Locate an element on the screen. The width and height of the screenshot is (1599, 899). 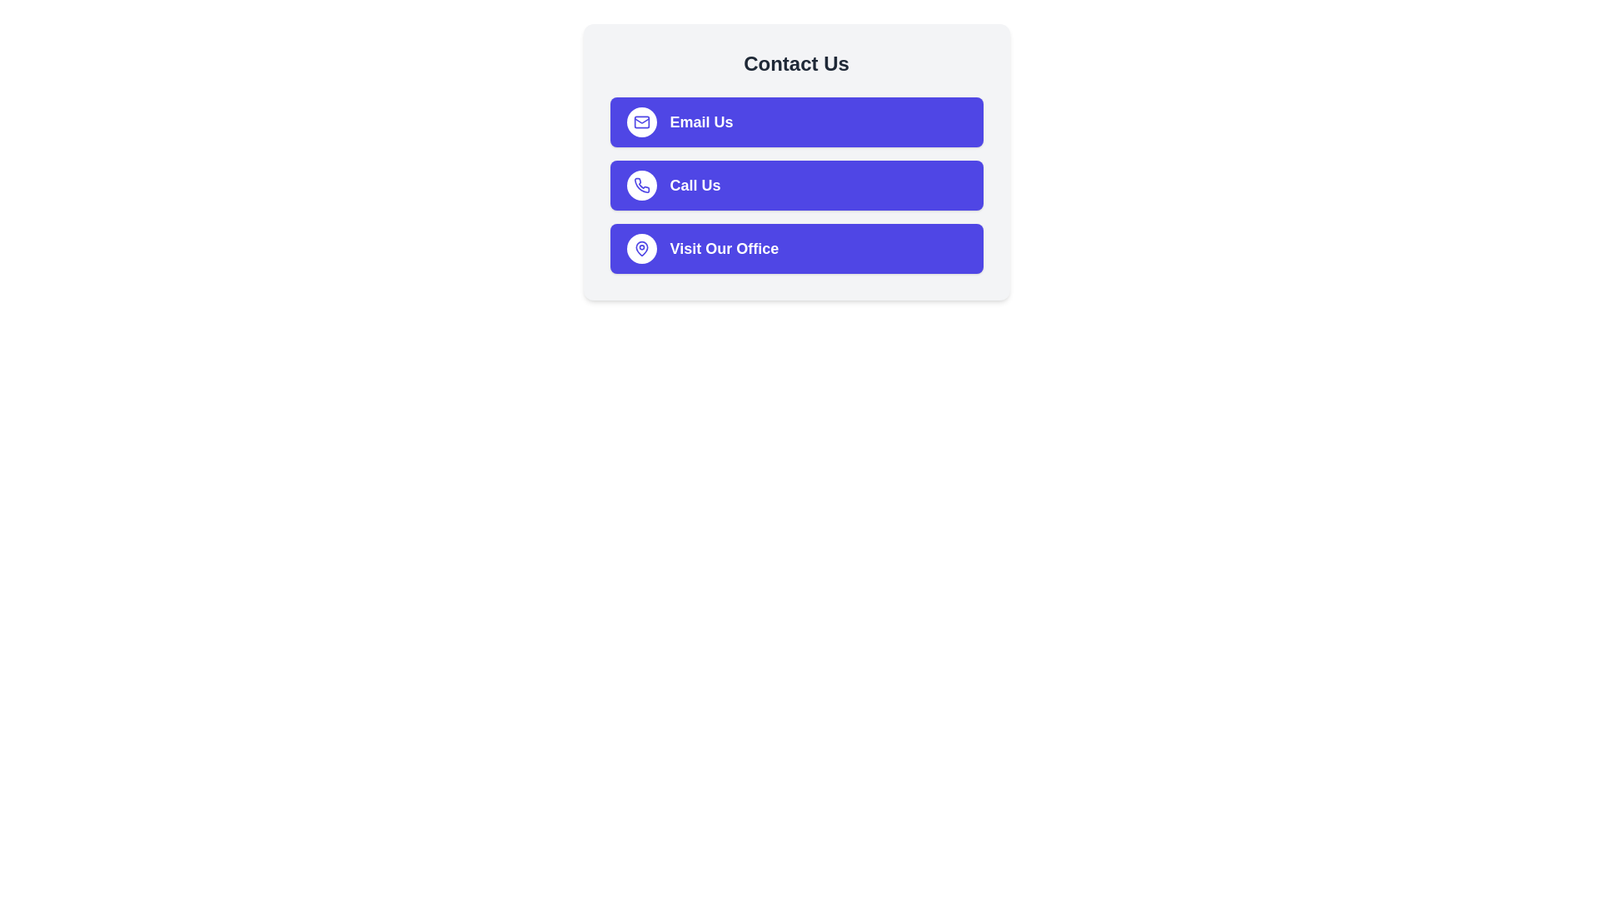
the map pin icon, which represents the 'Visit Our Office' button, located at the bottom of the 'Contact Us' section is located at coordinates (640, 249).